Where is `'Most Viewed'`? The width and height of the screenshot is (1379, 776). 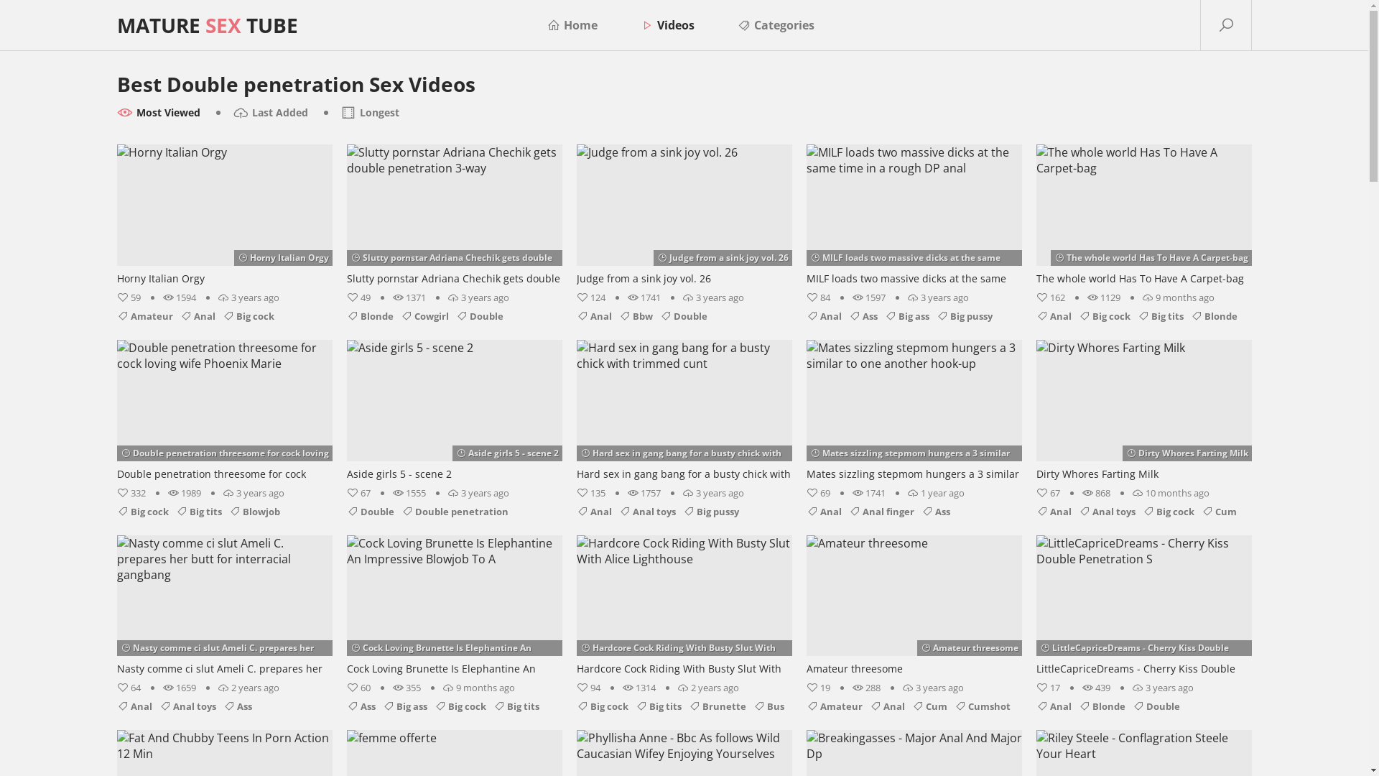 'Most Viewed' is located at coordinates (116, 112).